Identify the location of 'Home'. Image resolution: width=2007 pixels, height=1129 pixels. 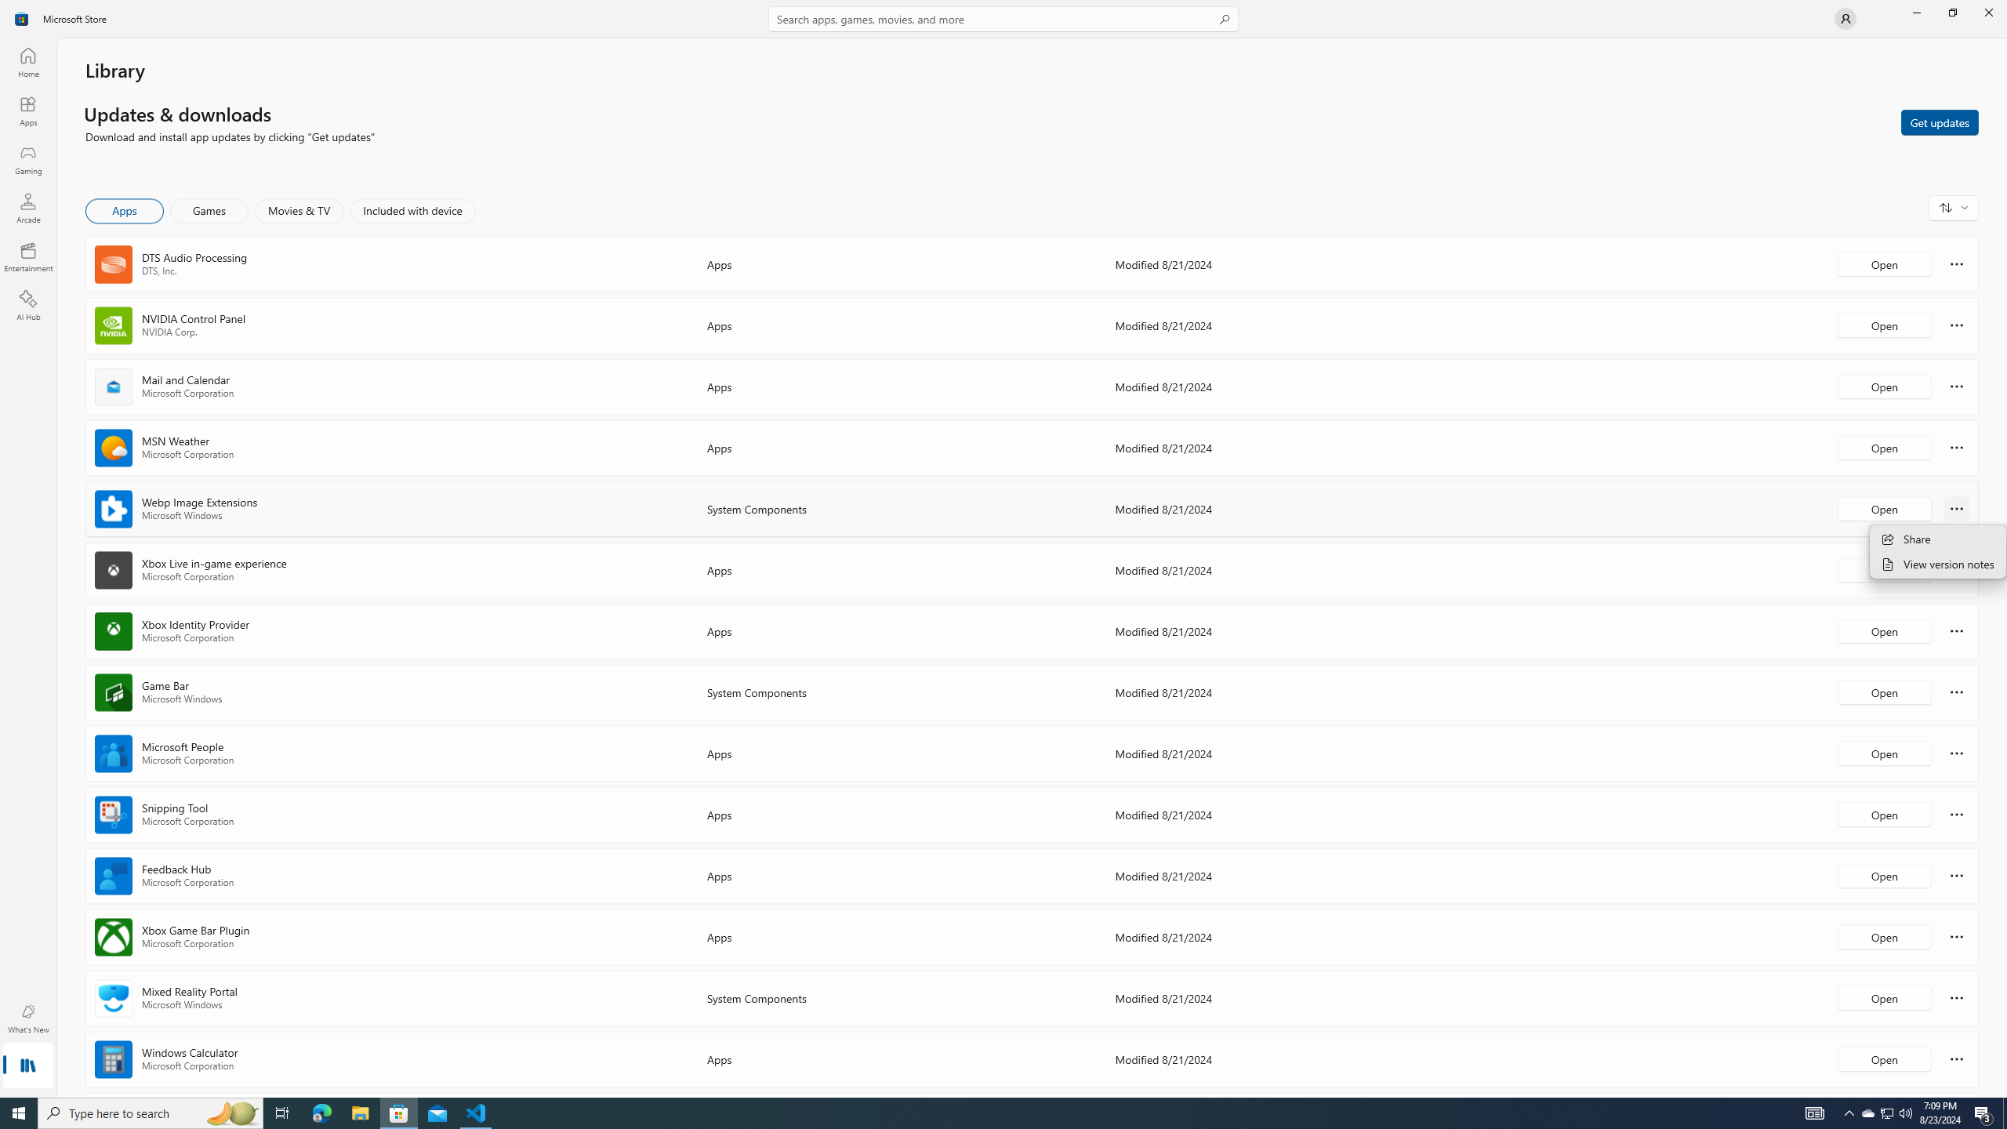
(27, 61).